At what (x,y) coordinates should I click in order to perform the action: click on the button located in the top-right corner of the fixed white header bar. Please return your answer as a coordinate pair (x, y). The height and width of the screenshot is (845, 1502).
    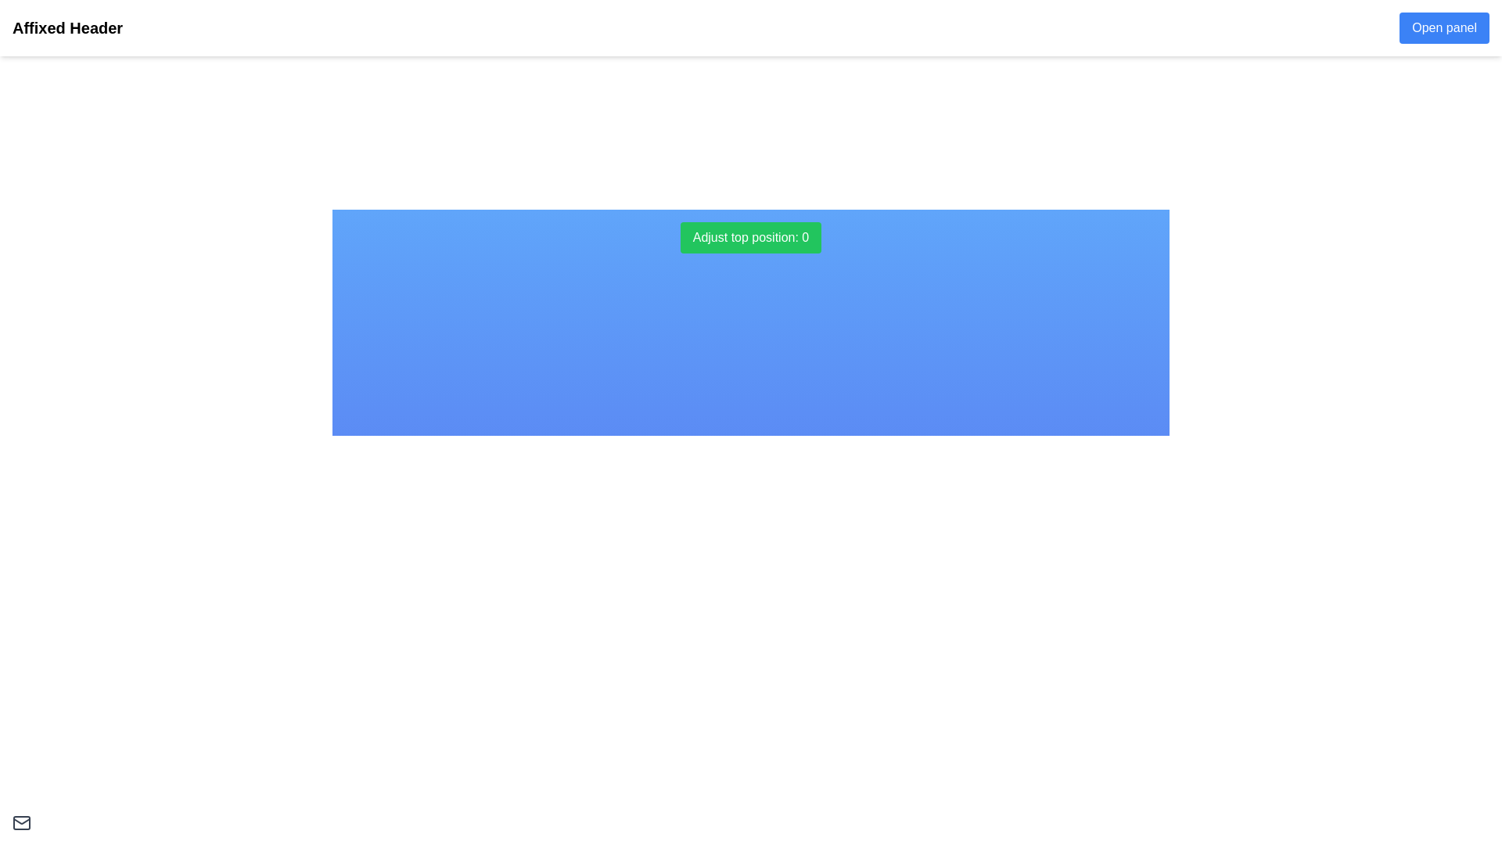
    Looking at the image, I should click on (1443, 27).